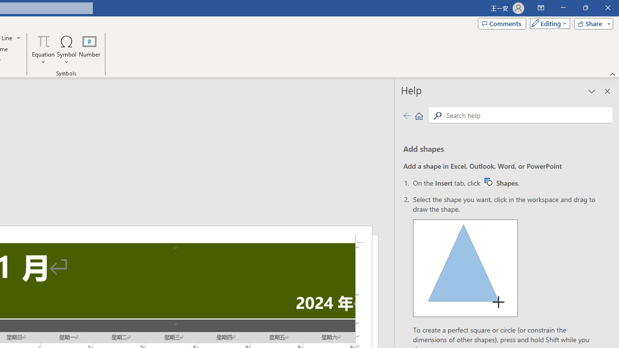  What do you see at coordinates (66, 50) in the screenshot?
I see `'Symbol'` at bounding box center [66, 50].